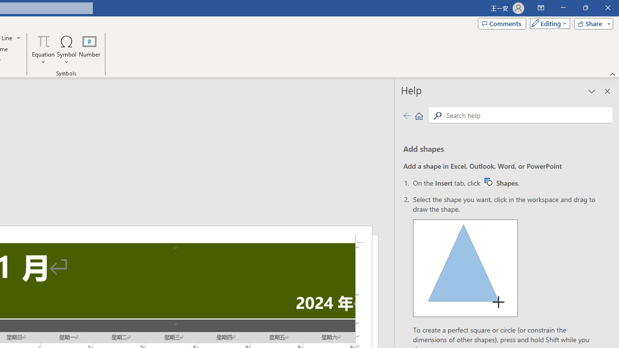  What do you see at coordinates (66, 50) in the screenshot?
I see `'Symbol'` at bounding box center [66, 50].